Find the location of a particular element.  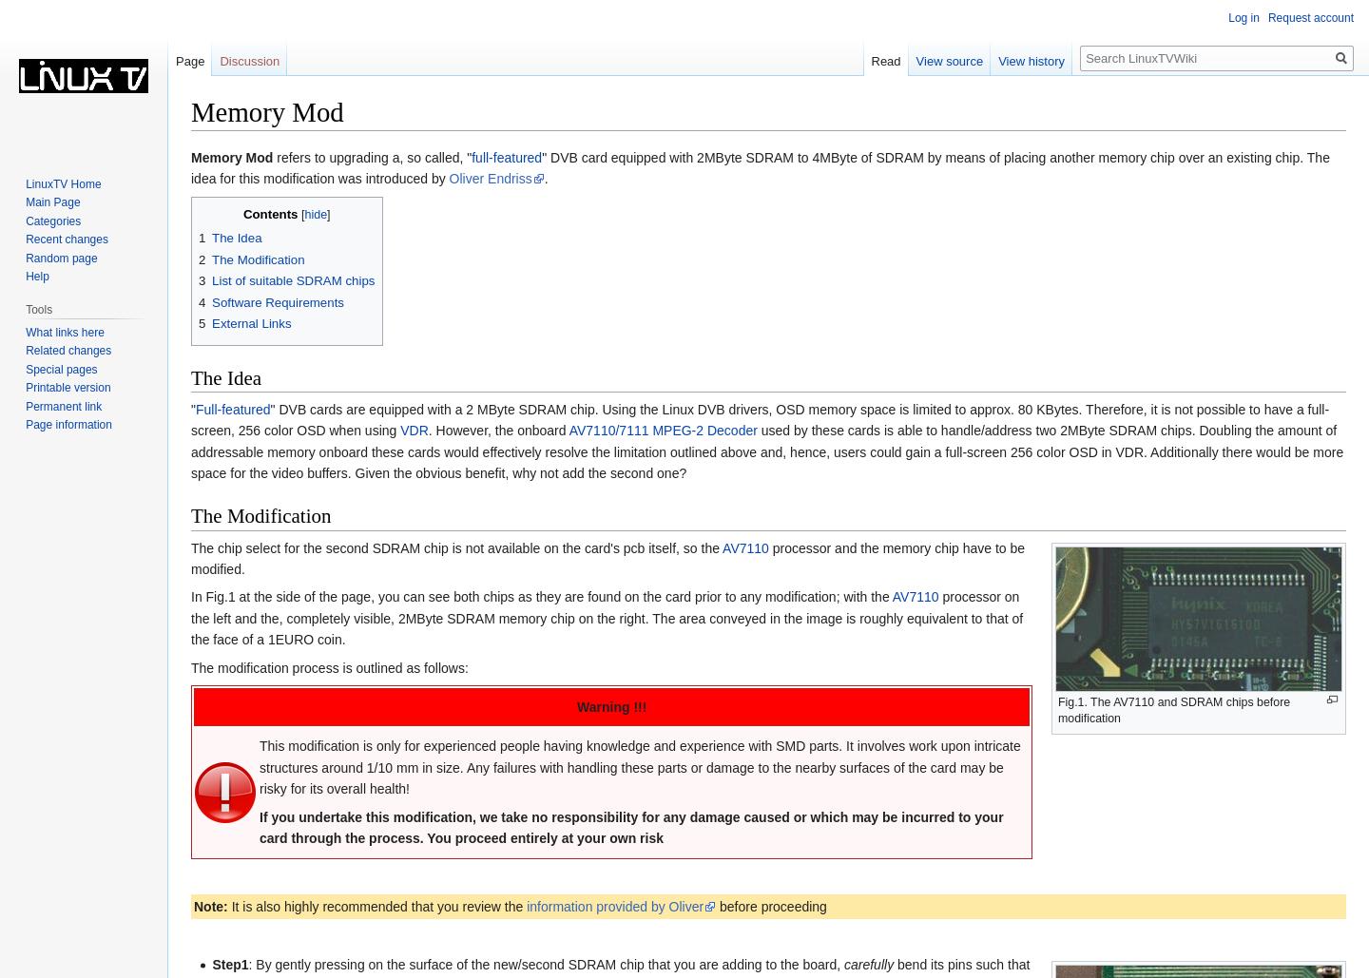

'processor and the memory chip have to be modified.' is located at coordinates (607, 557).